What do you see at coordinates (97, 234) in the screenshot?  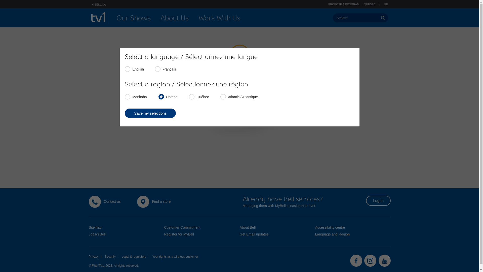 I see `'Jobs@Bell'` at bounding box center [97, 234].